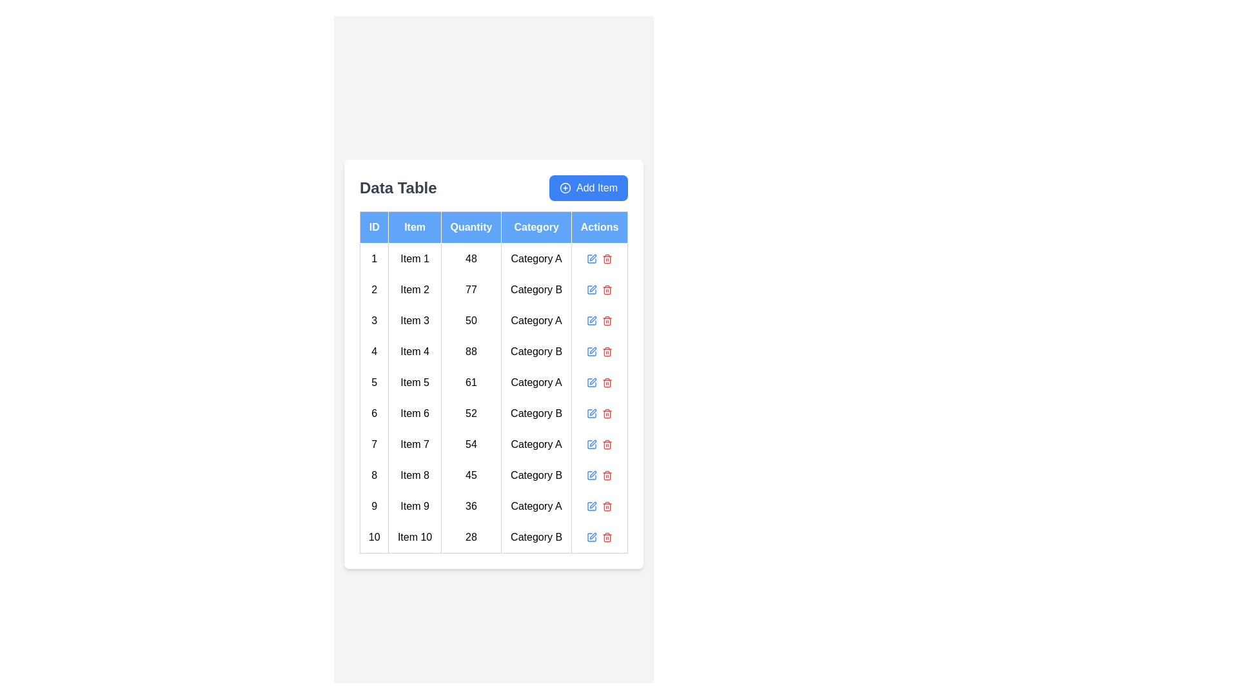  I want to click on the 'Edit' icon button in the 'Actions' column of the data table, so click(593, 504).